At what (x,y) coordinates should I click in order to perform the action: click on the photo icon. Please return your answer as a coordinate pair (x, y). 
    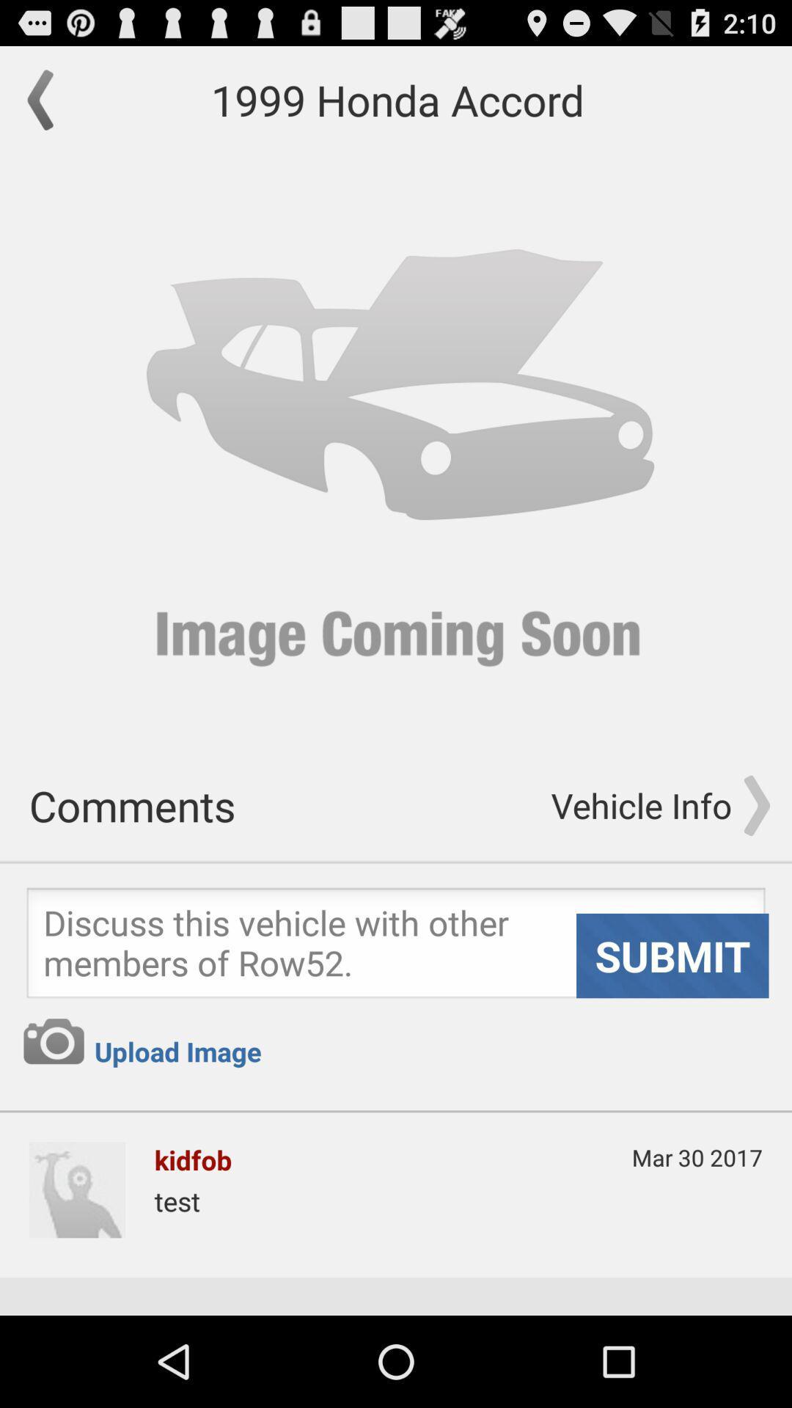
    Looking at the image, I should click on (53, 1114).